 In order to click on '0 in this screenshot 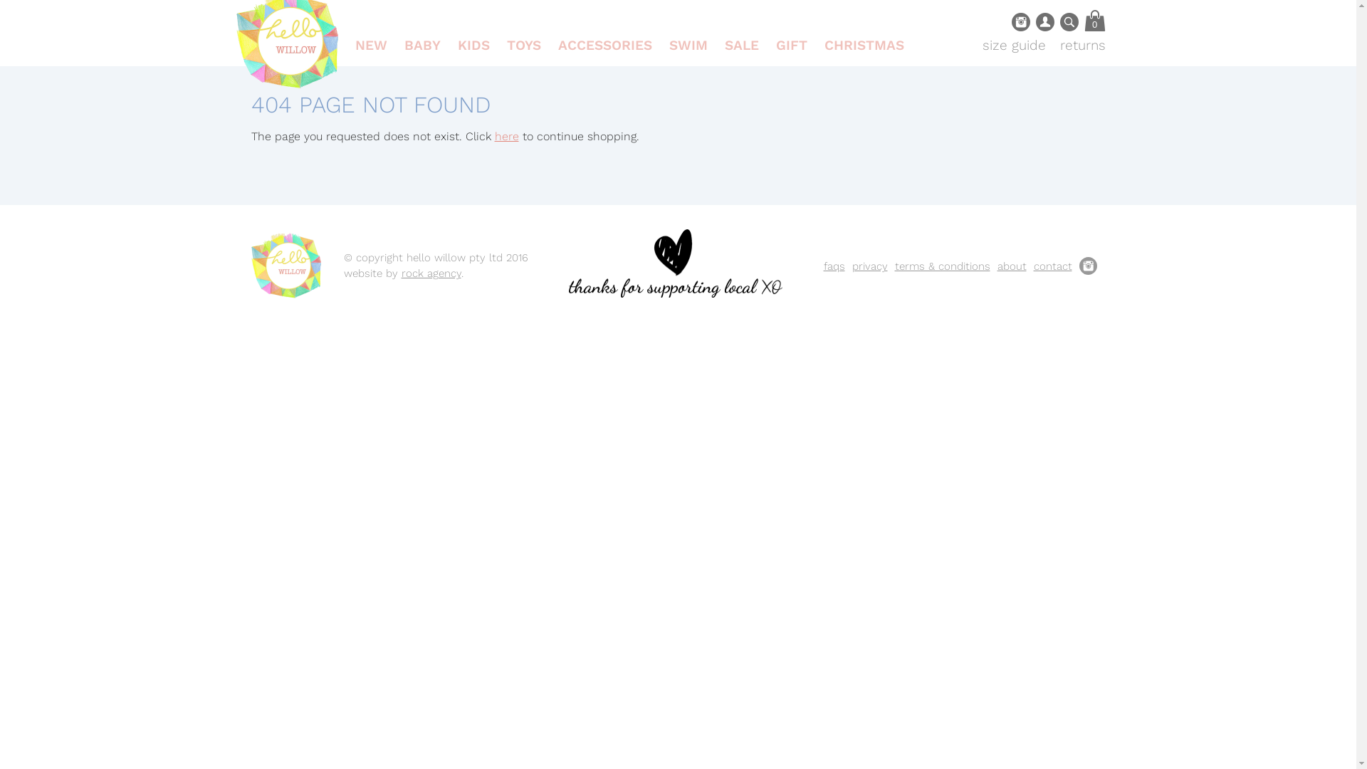, I will do `click(1082, 21)`.